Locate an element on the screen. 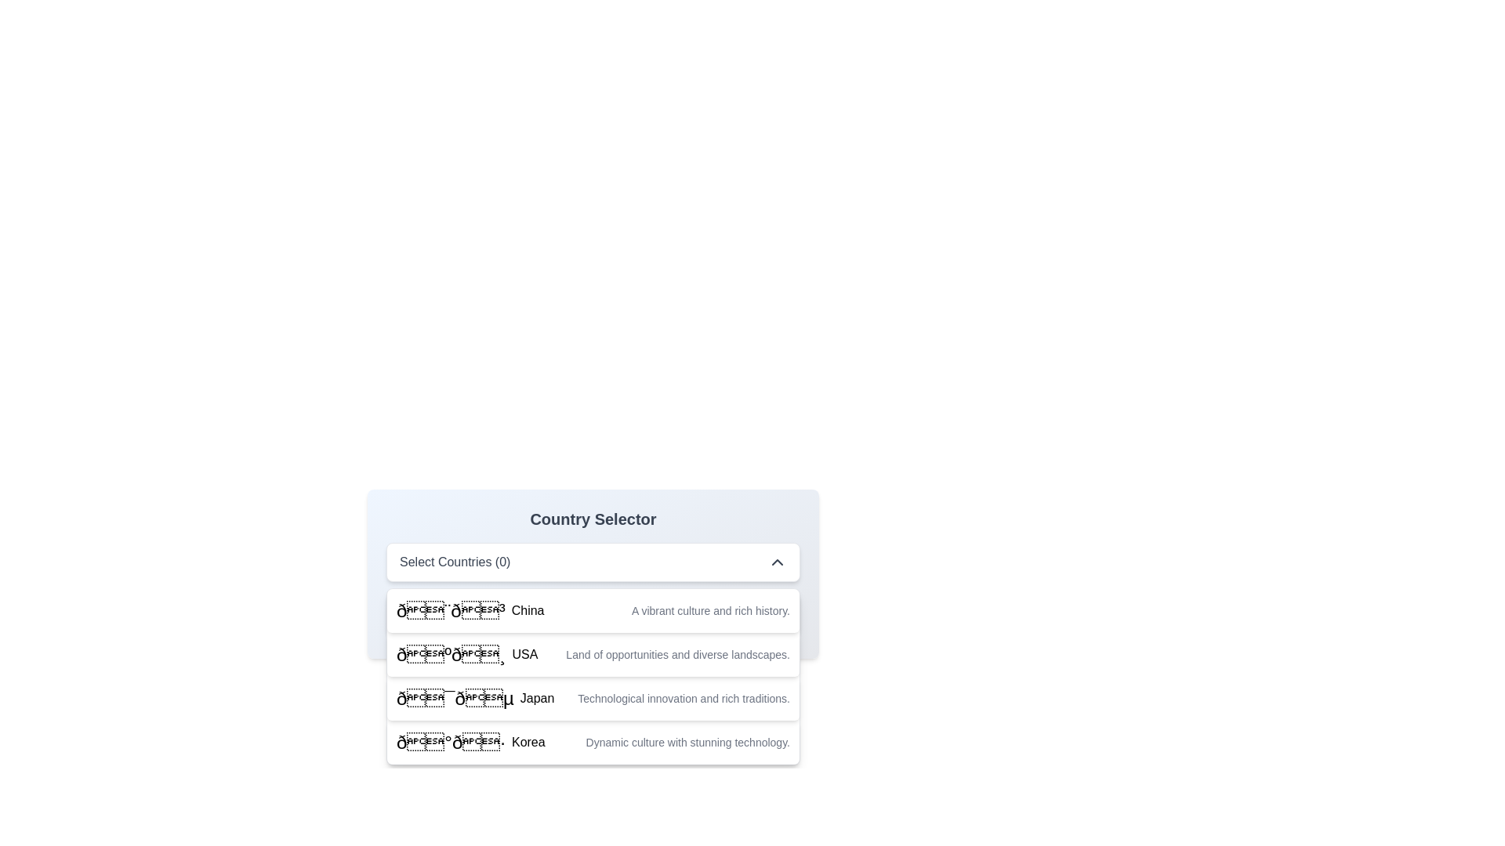 The width and height of the screenshot is (1505, 846). the fourth option in the dropdown menu representing 'Korea' is located at coordinates (593, 742).